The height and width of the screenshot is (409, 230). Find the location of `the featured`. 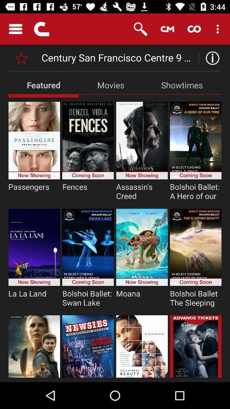

the featured is located at coordinates (43, 85).